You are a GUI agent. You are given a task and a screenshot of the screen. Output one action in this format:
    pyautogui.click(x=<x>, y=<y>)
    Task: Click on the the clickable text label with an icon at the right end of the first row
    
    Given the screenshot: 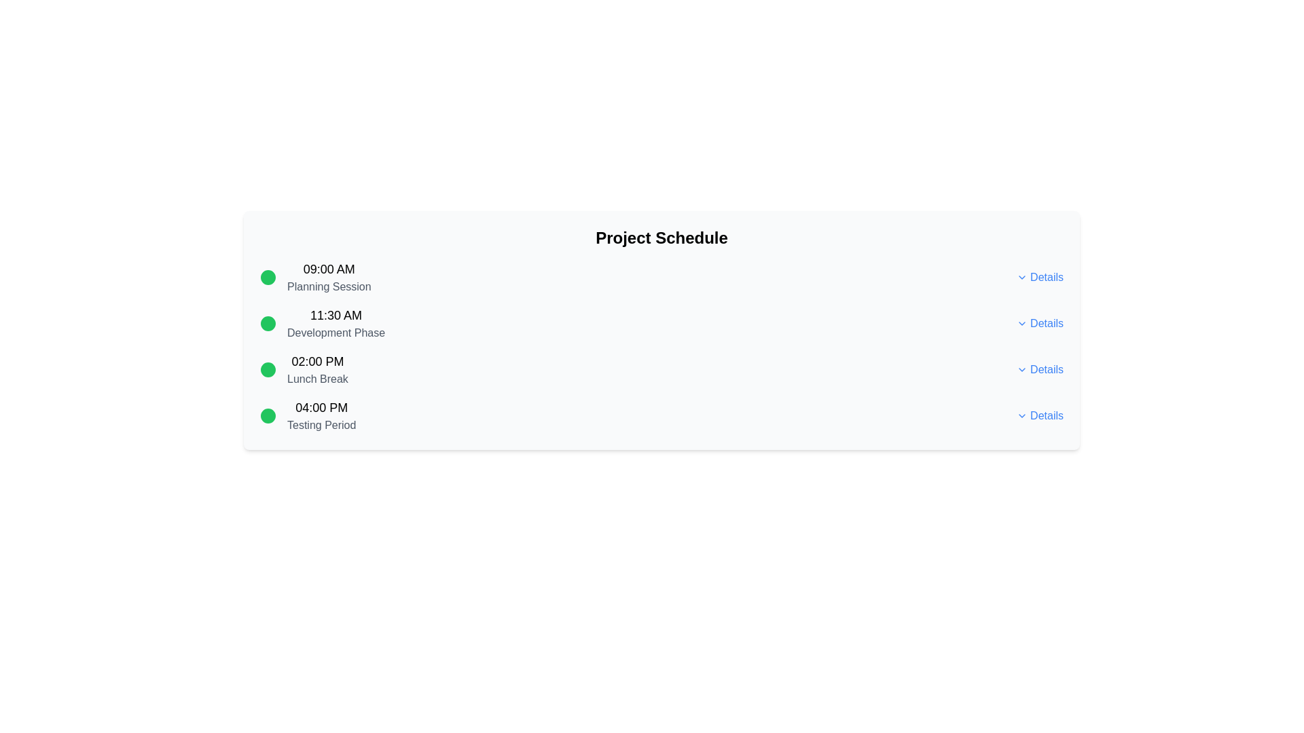 What is the action you would take?
    pyautogui.click(x=1039, y=276)
    